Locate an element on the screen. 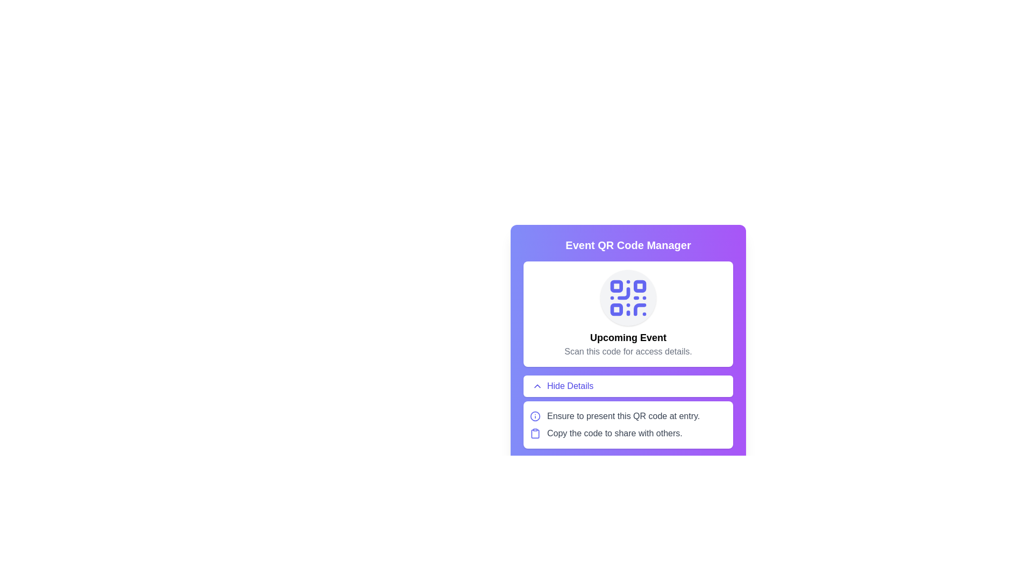 Image resolution: width=1032 pixels, height=581 pixels. the second square from the top-left corner of the QR code group, which is represented as an SVG rectangle and is part of a 3x3 grid layout is located at coordinates (640, 286).